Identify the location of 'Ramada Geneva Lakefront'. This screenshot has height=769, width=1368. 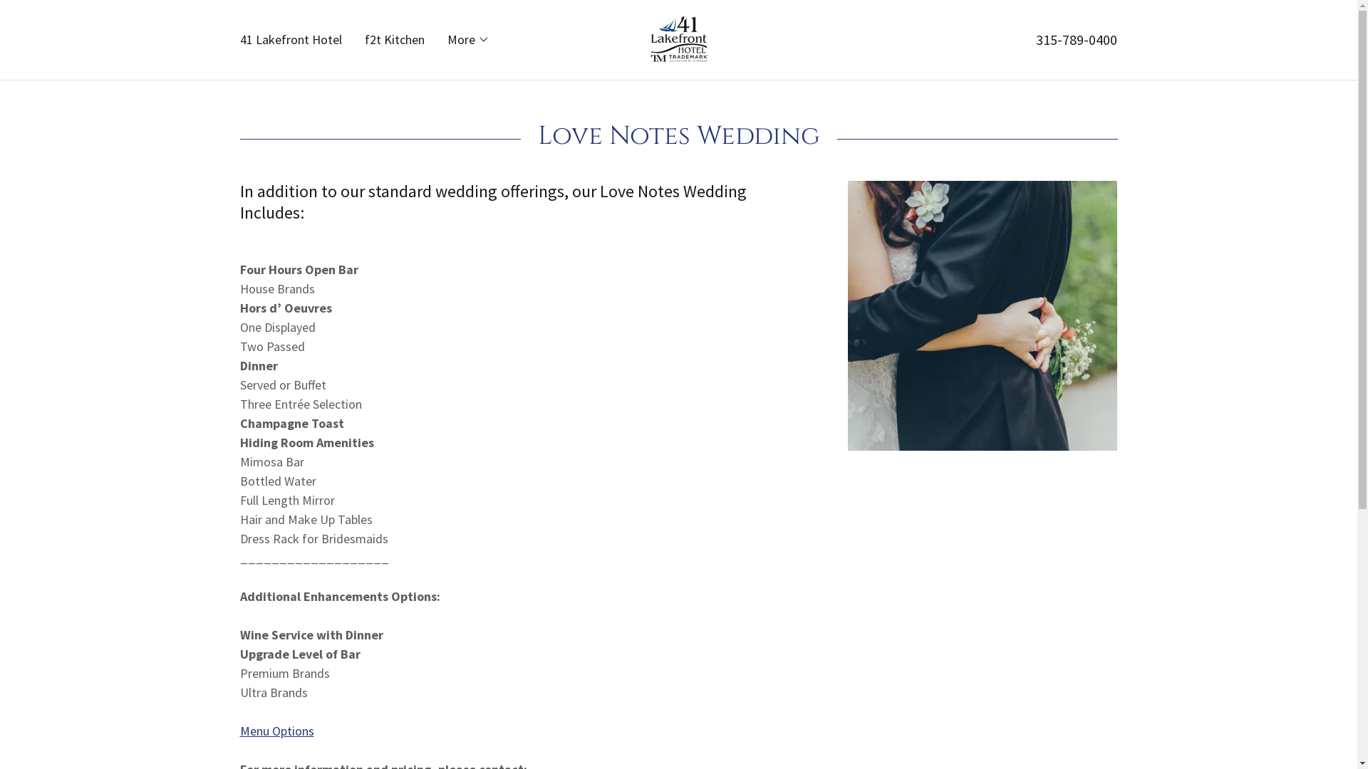
(677, 37).